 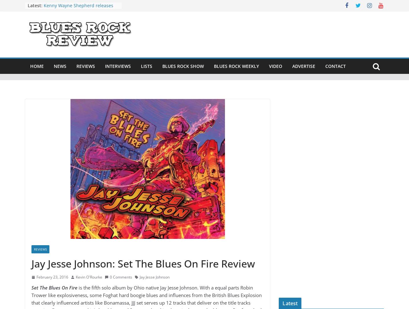 What do you see at coordinates (28, 5) in the screenshot?
I see `'Latest:'` at bounding box center [28, 5].